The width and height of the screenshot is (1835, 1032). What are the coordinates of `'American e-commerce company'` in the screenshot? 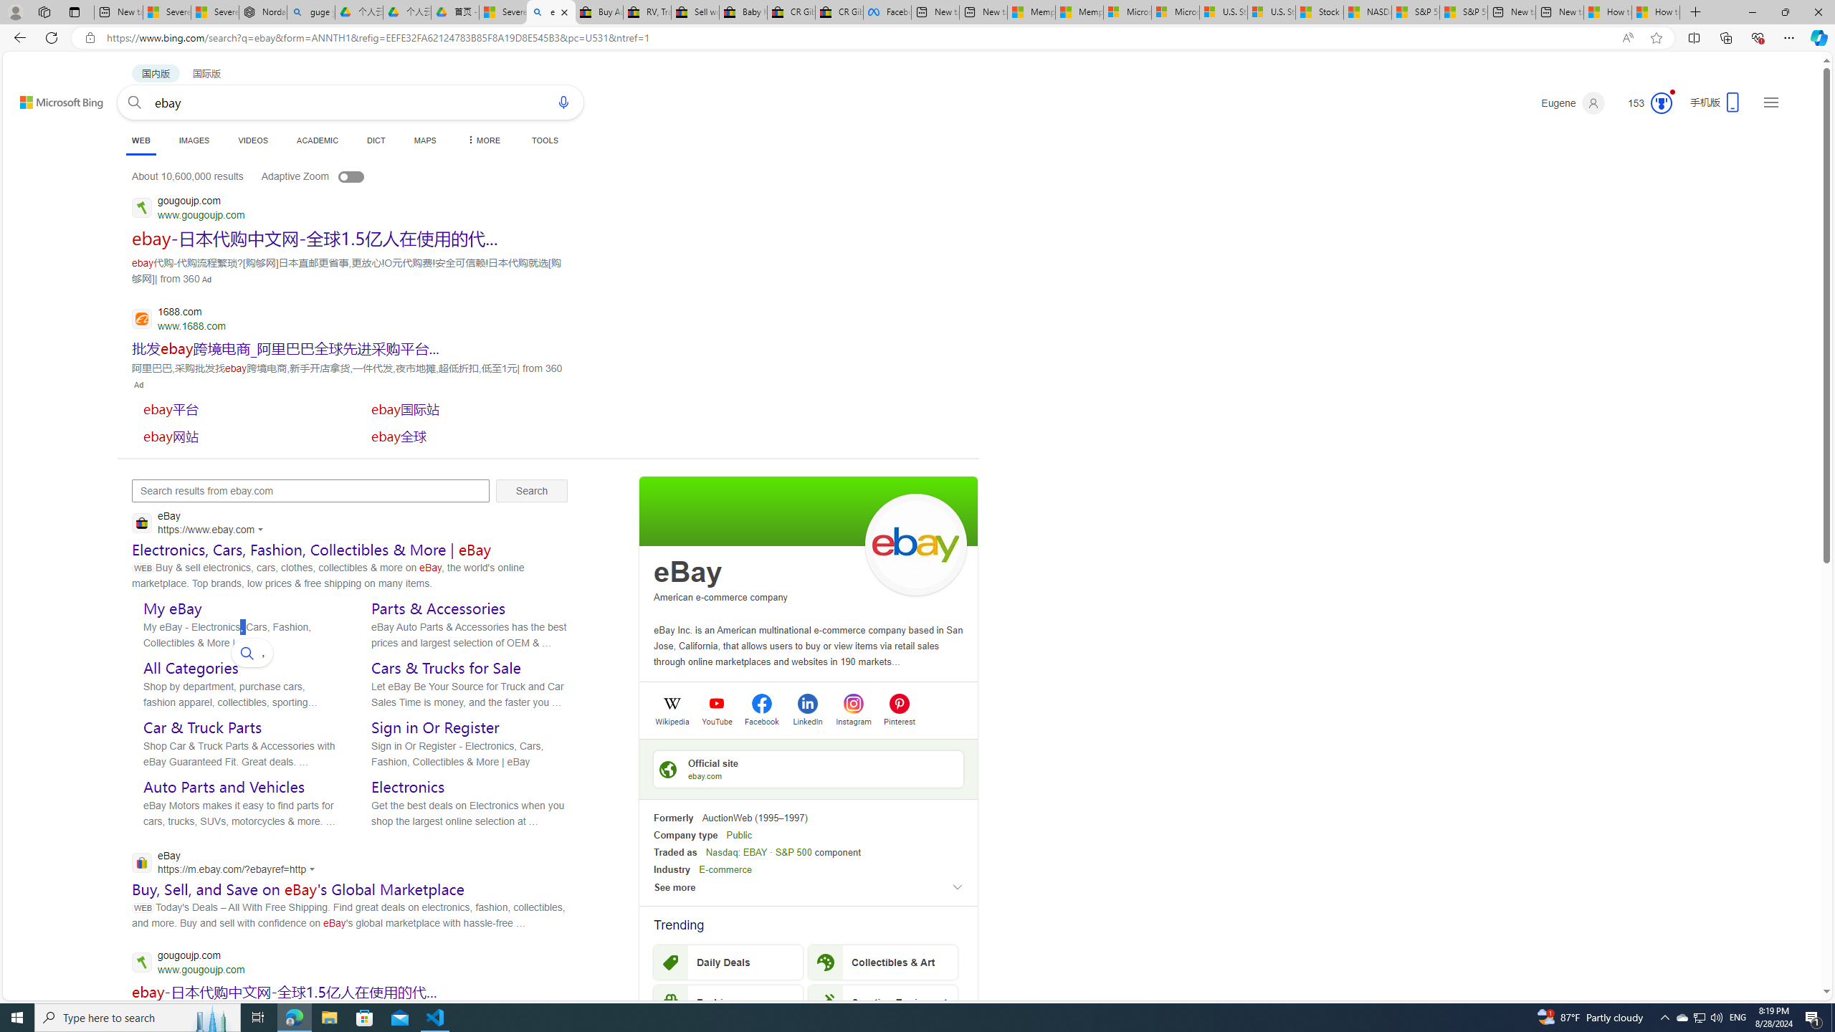 It's located at (721, 596).